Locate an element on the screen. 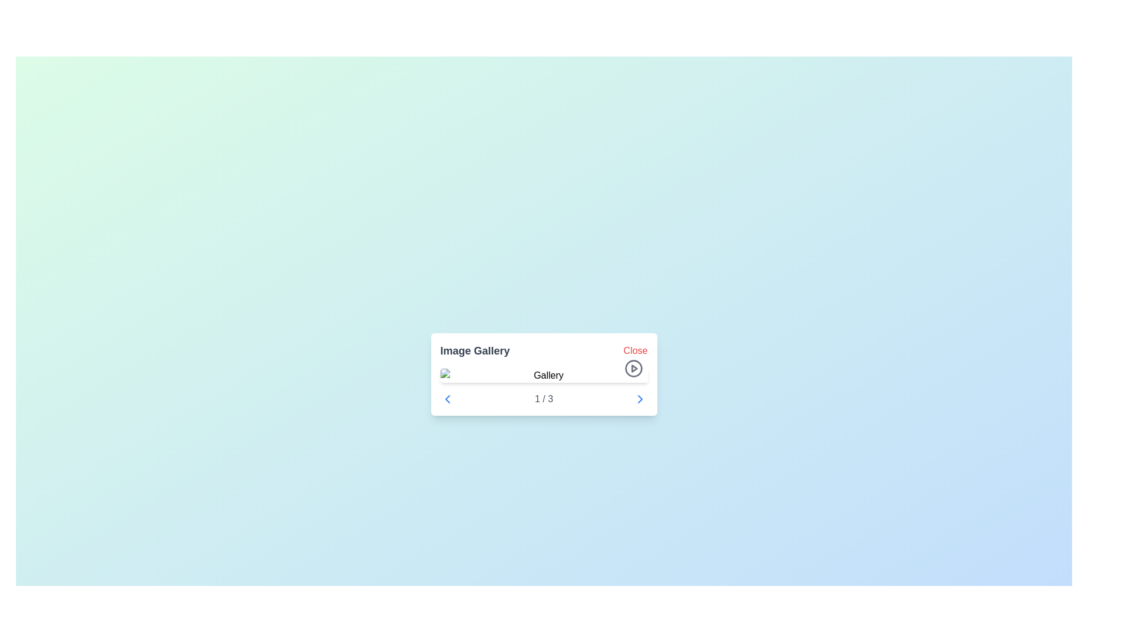 The width and height of the screenshot is (1131, 636). the leftmost icon button in the pagination control is located at coordinates (447, 399).